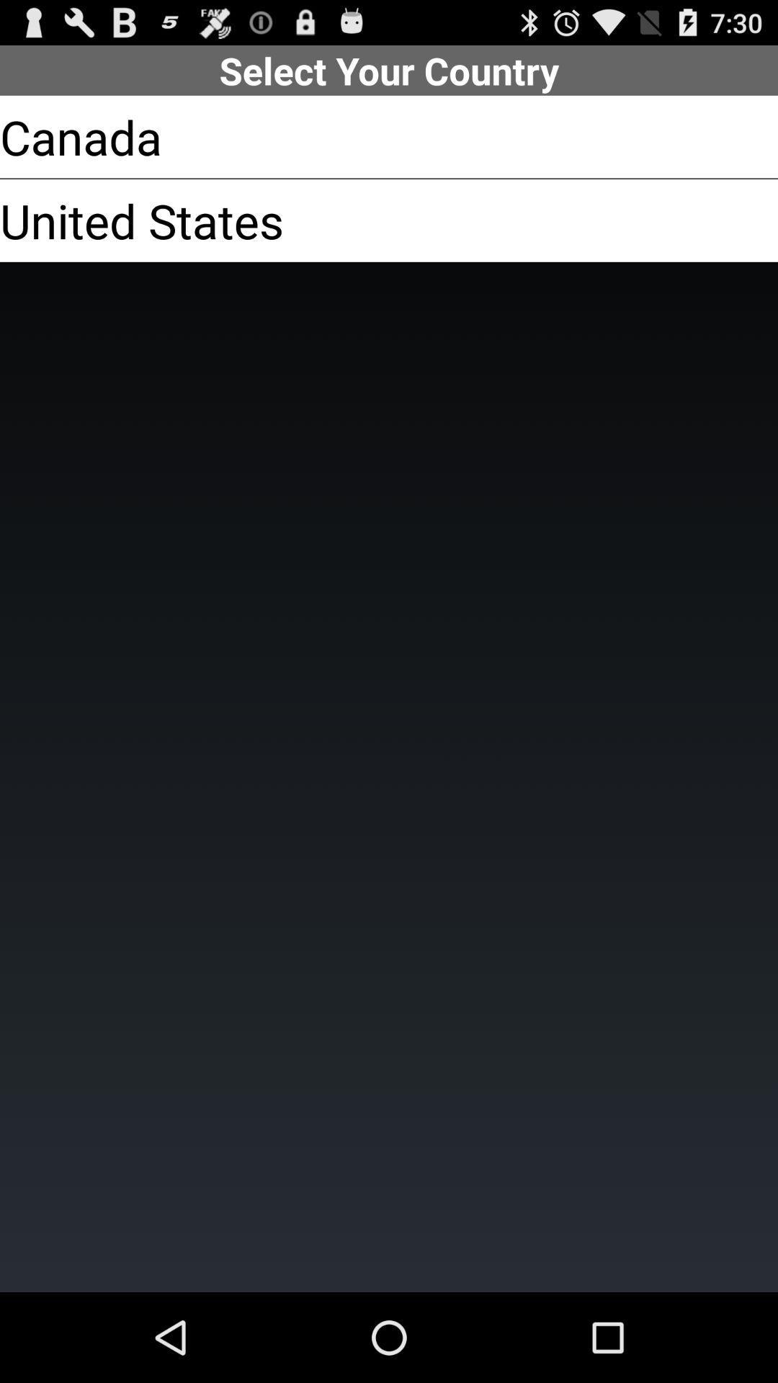  I want to click on the app below the select your country, so click(81, 137).